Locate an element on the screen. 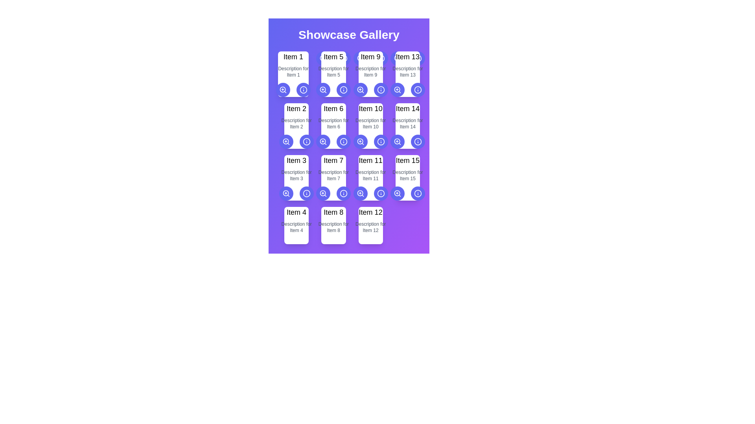 The width and height of the screenshot is (755, 424). the circular Icon component in the fourth row and third column of the grid layout beneath the card labeled 'Item 9' is located at coordinates (344, 89).